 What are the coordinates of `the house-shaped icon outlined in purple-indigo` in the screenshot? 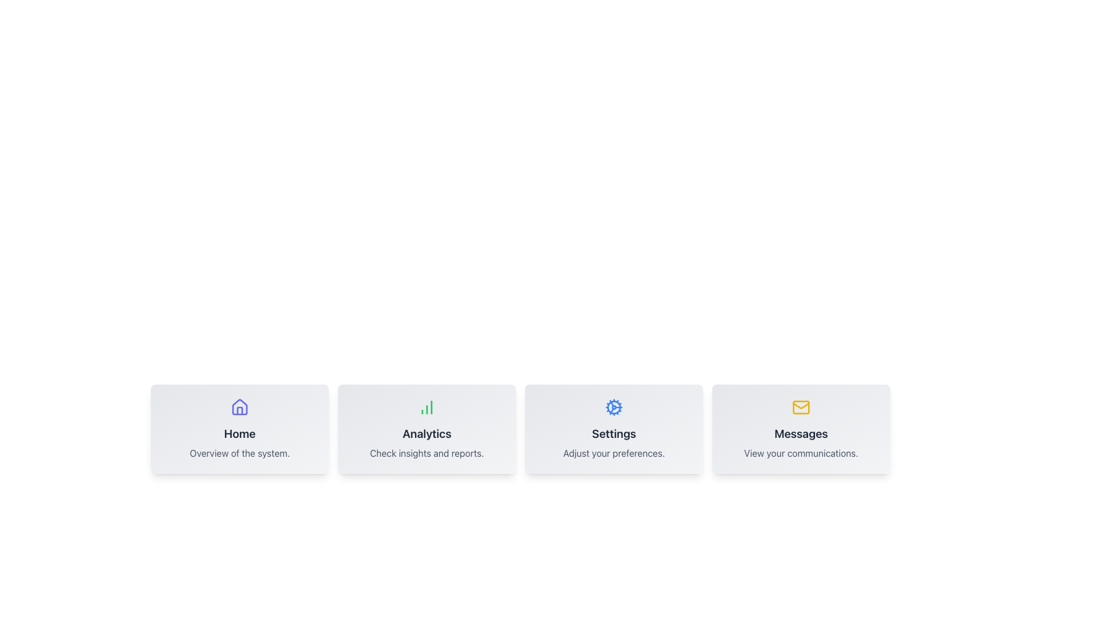 It's located at (239, 406).